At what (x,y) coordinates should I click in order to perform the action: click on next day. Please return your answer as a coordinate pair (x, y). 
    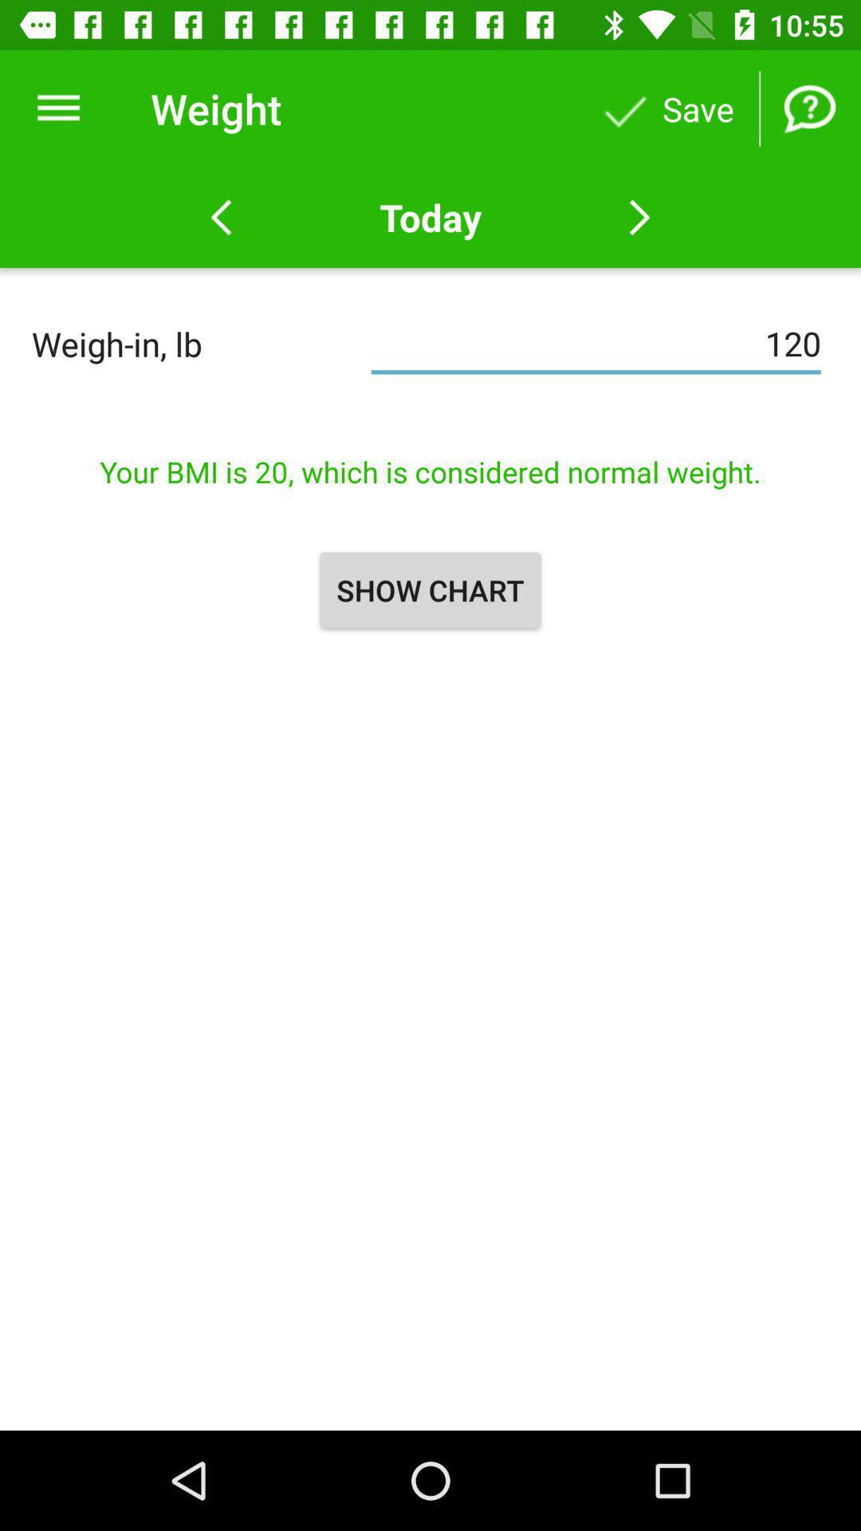
    Looking at the image, I should click on (639, 217).